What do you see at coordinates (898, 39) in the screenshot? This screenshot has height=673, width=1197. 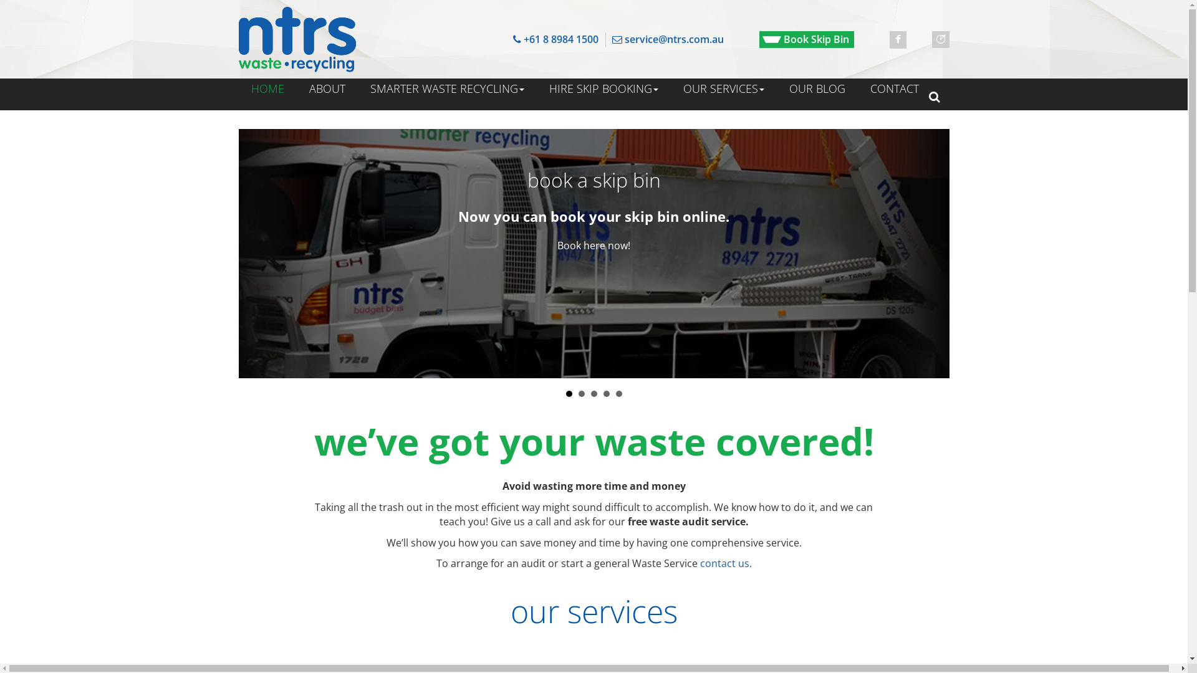 I see `'Facebook'` at bounding box center [898, 39].